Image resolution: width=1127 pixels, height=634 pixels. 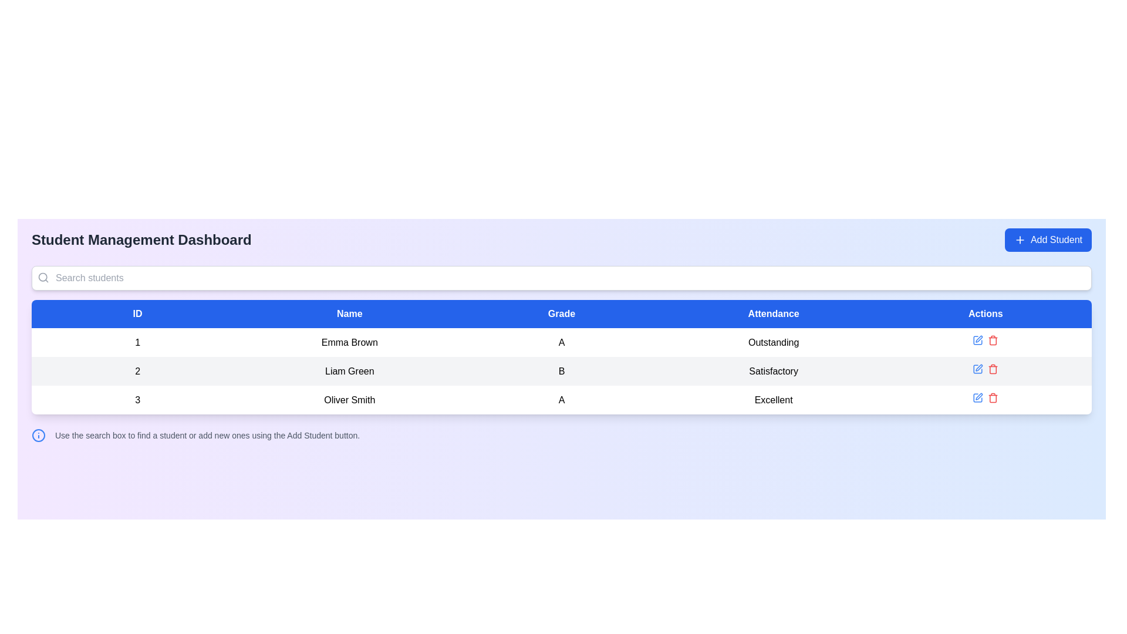 What do you see at coordinates (561, 435) in the screenshot?
I see `the Informational Banner located at the bottom of the central content area of the student dashboard interface` at bounding box center [561, 435].